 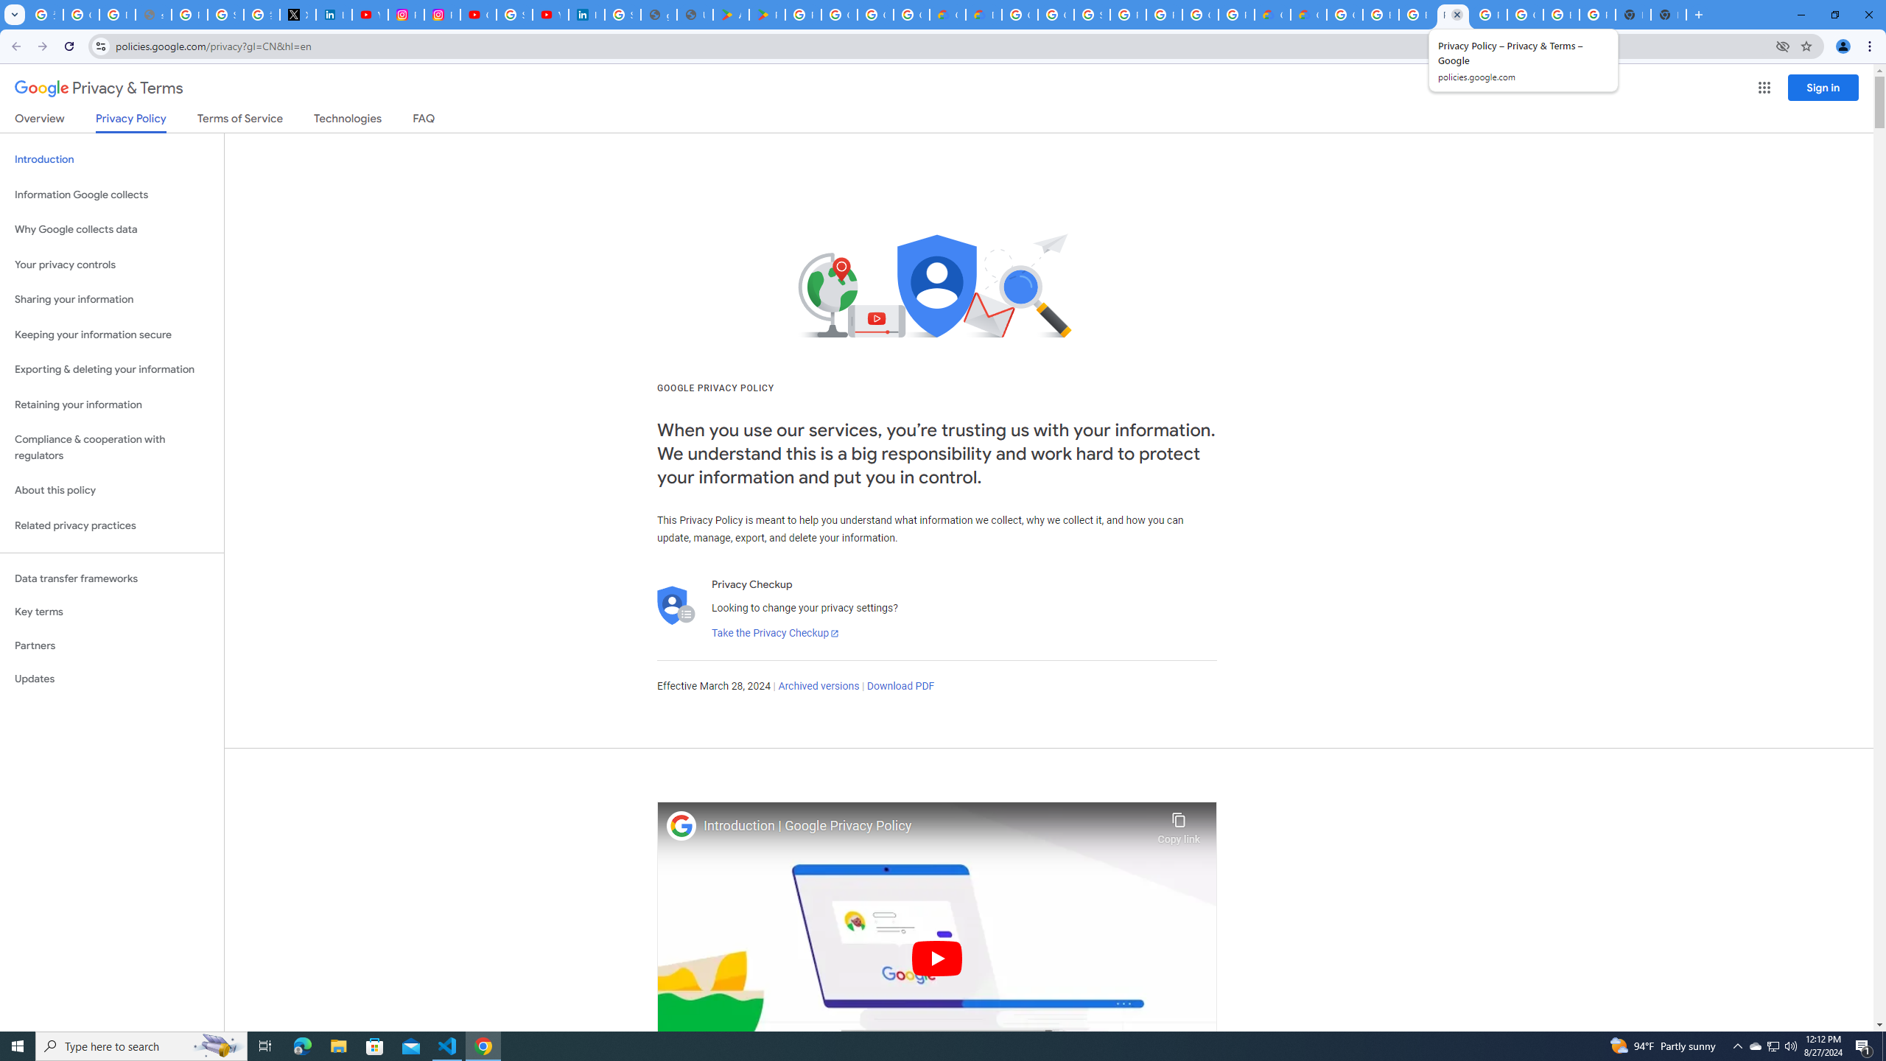 What do you see at coordinates (111, 612) in the screenshot?
I see `'Key terms'` at bounding box center [111, 612].